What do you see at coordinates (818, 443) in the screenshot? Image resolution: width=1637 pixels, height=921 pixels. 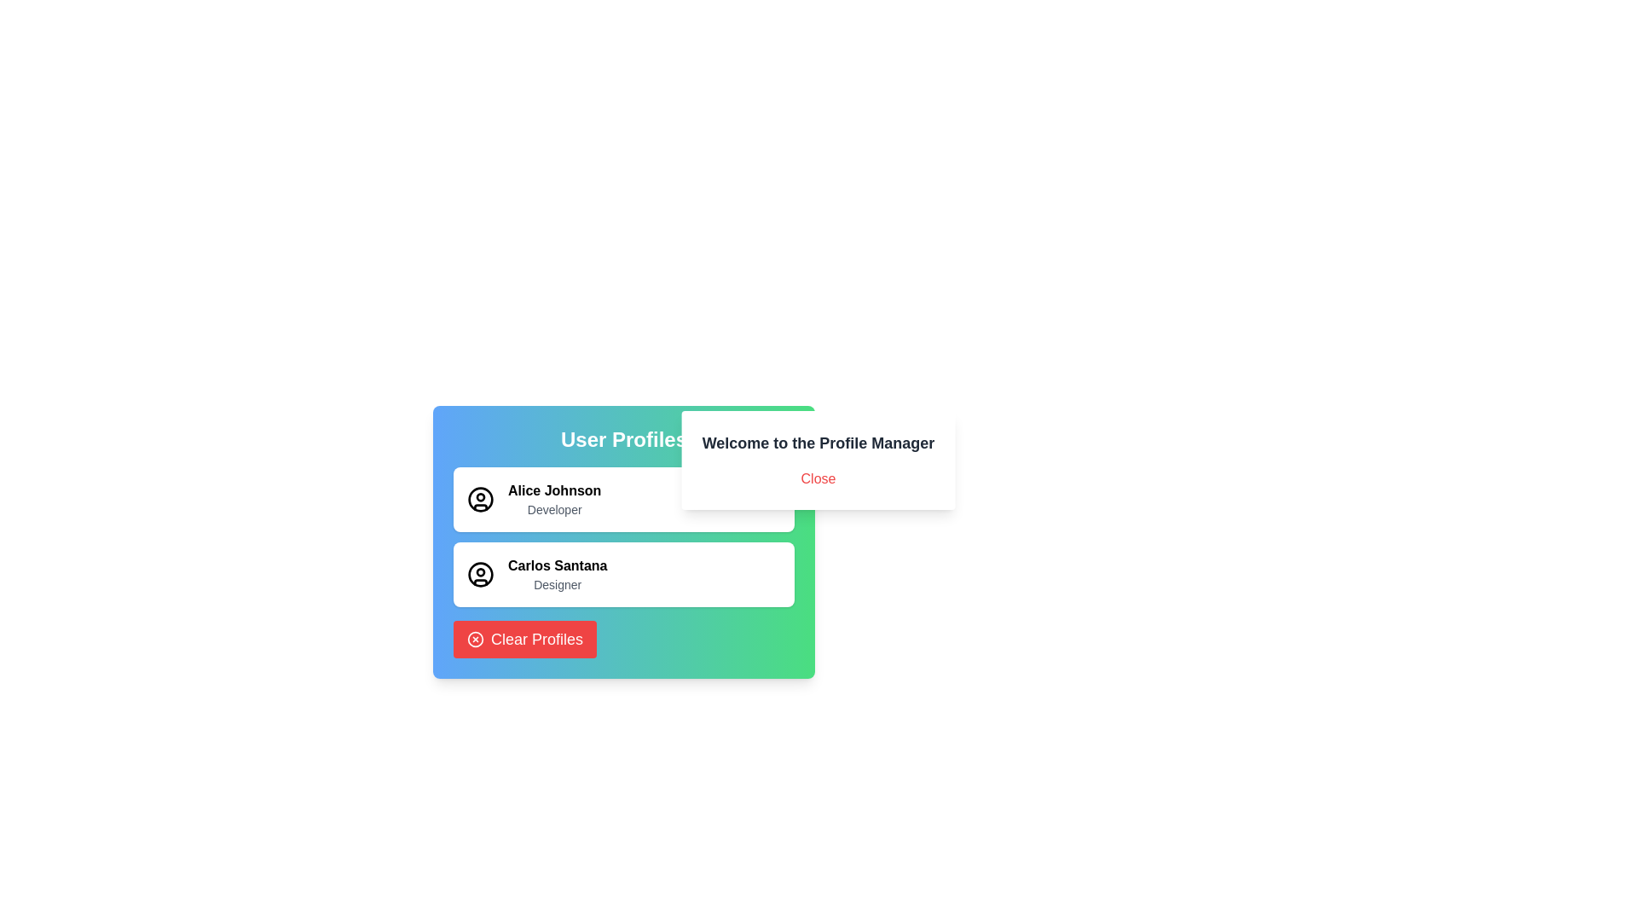 I see `the 'Welcome to the Profile Manager' text label, which is prominently displayed in a bold, large font within a centered modal box` at bounding box center [818, 443].